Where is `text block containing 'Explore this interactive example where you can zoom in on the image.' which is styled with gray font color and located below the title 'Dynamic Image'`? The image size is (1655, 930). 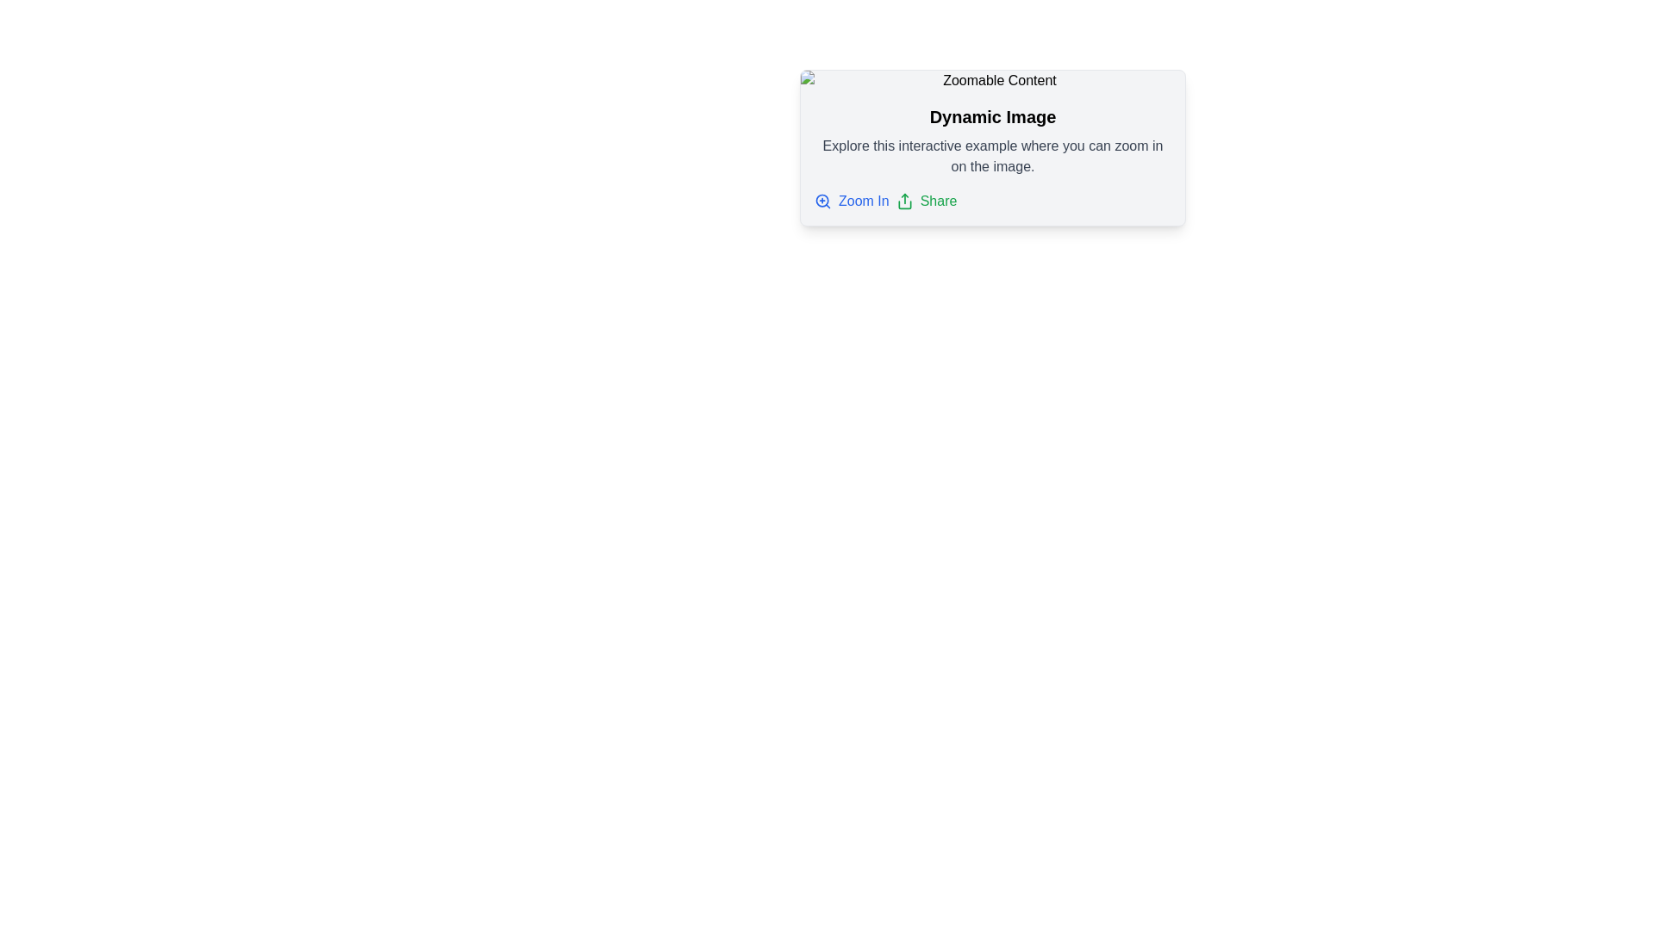
text block containing 'Explore this interactive example where you can zoom in on the image.' which is styled with gray font color and located below the title 'Dynamic Image' is located at coordinates (993, 156).